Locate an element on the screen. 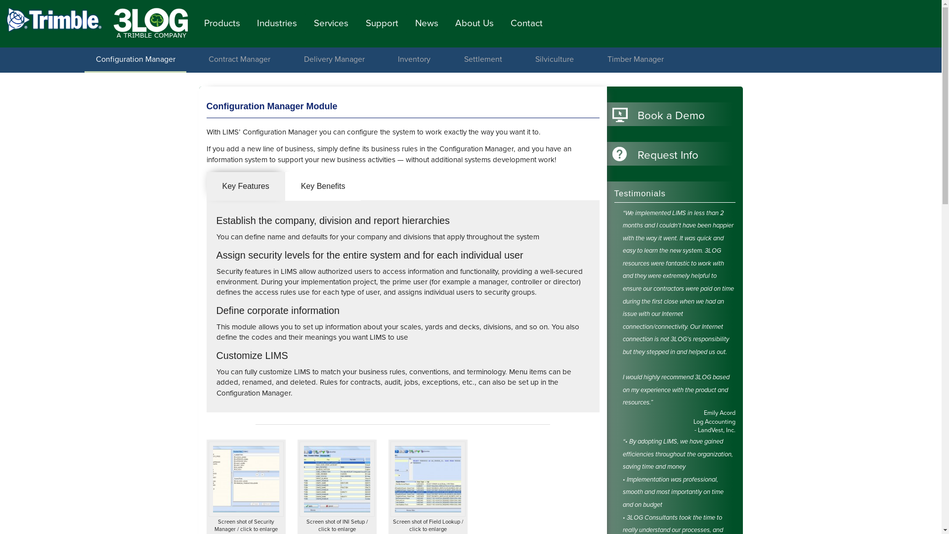  'Products' is located at coordinates (221, 23).